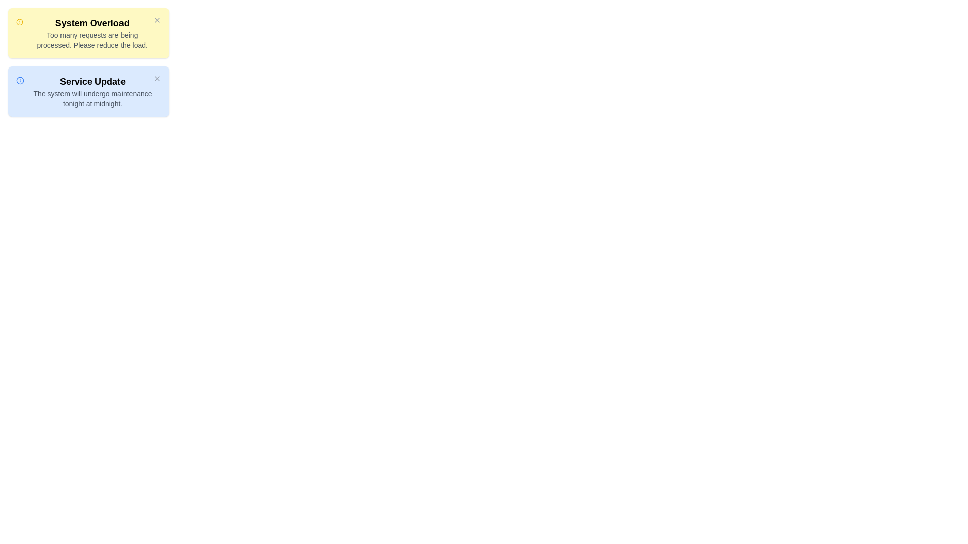 The width and height of the screenshot is (968, 544). Describe the element at coordinates (20, 22) in the screenshot. I see `the warning icon located in the top-left corner of the yellow 'System Overload' notification, which indicates a cautionary message` at that location.